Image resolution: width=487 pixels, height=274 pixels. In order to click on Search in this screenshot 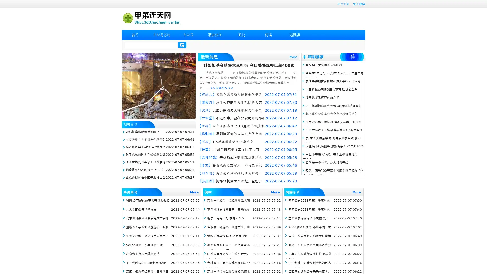, I will do `click(182, 45)`.